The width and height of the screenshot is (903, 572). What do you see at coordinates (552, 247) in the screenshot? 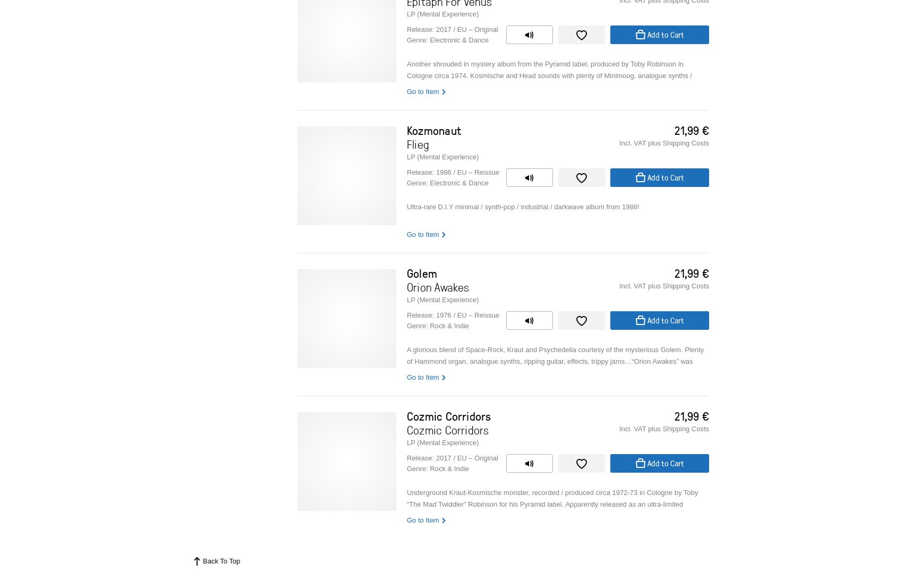
I see `'Kozmonaut was the personal project of a young & talented Canadian musician called Michael Gutierrez, who moved to San Francisco in the early 80s. Influenced by Kraftwerk and German culture / electronic music, Michael recorded the “Flieg” album all by himself at his garage studio, using the pseudonym of “Hans Schiller”.'` at bounding box center [552, 247].